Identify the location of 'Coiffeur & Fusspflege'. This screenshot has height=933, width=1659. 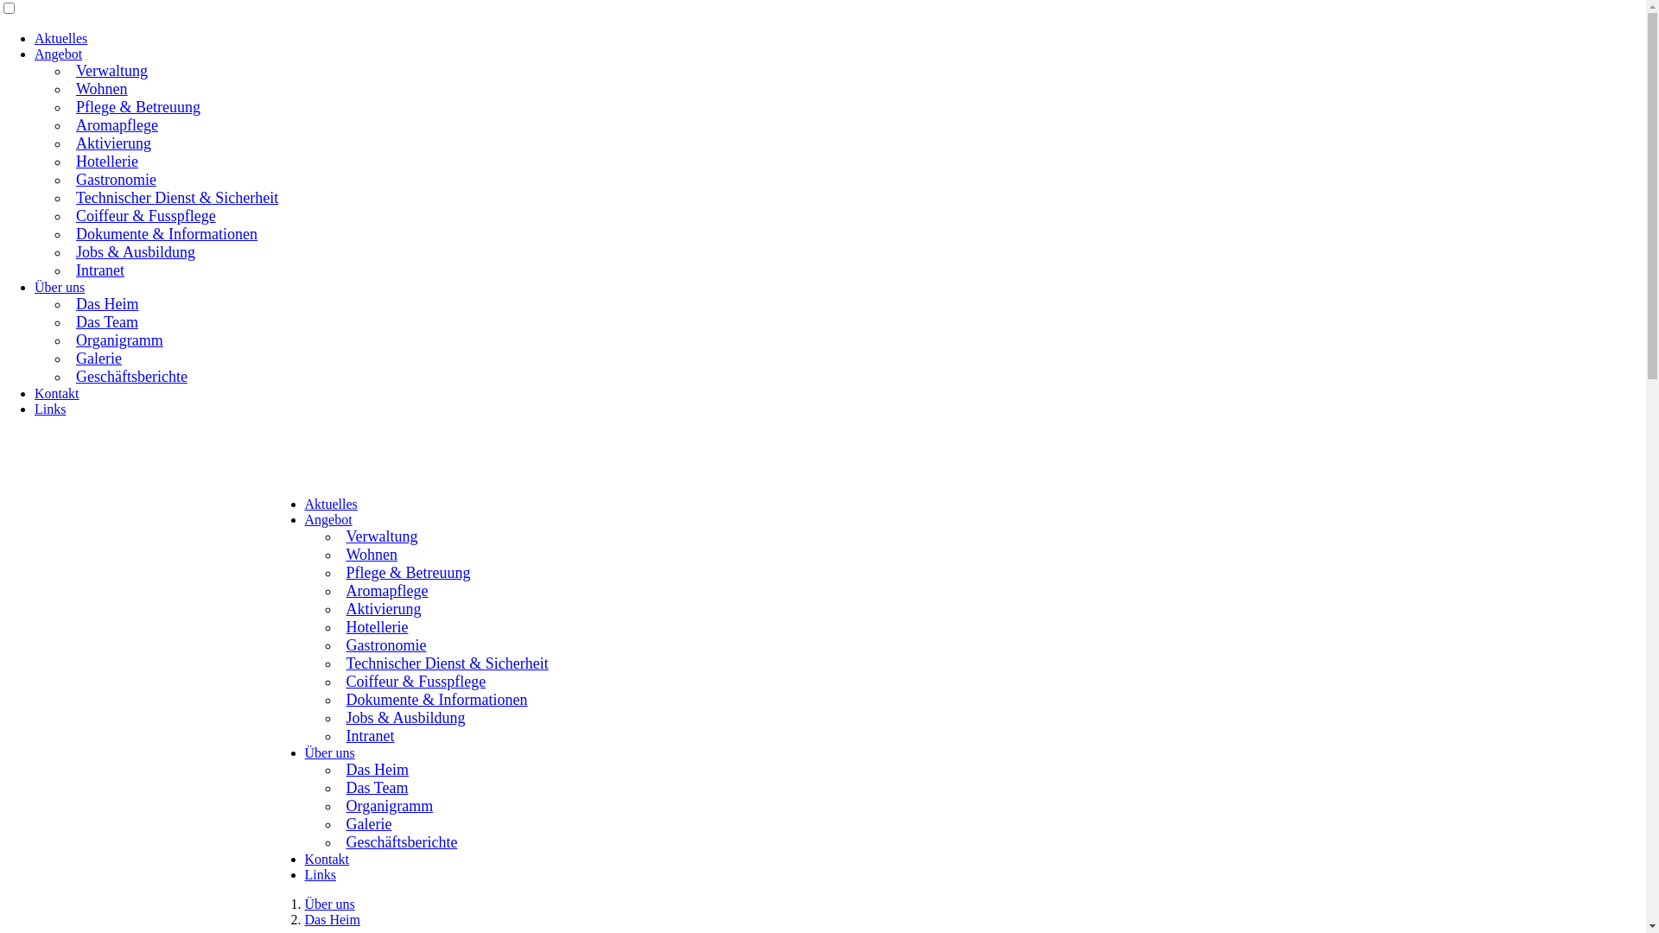
(144, 213).